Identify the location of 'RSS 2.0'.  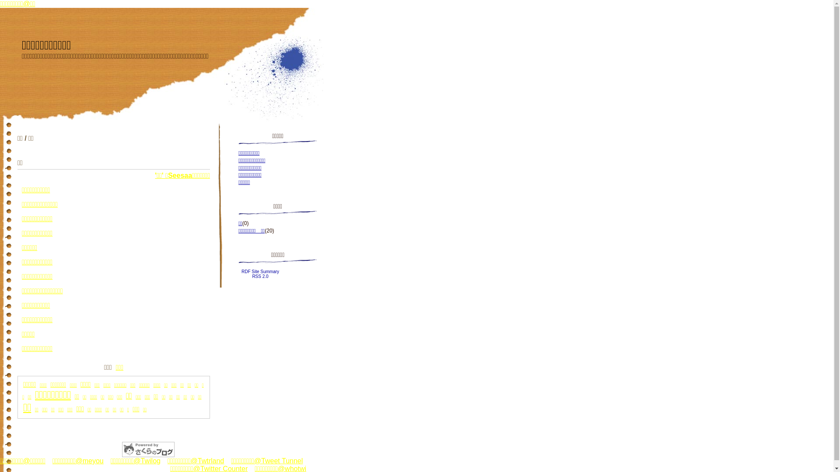
(259, 276).